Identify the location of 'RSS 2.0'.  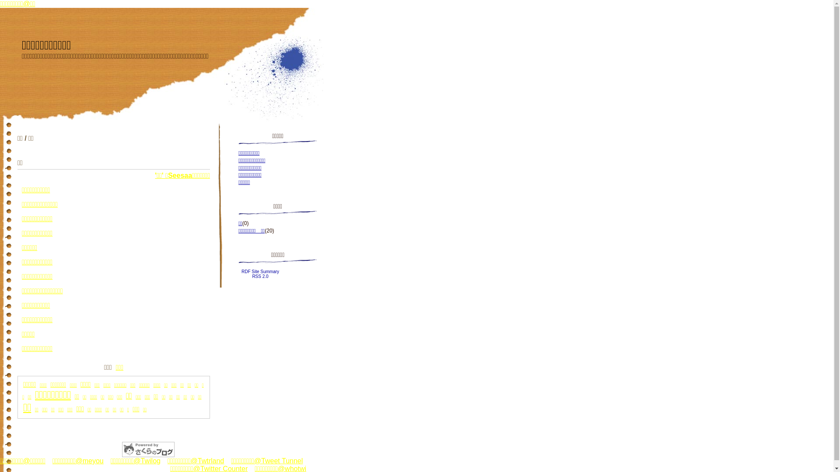
(259, 276).